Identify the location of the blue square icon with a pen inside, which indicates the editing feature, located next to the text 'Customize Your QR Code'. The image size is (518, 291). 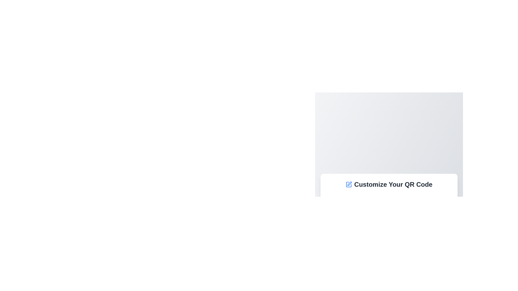
(349, 184).